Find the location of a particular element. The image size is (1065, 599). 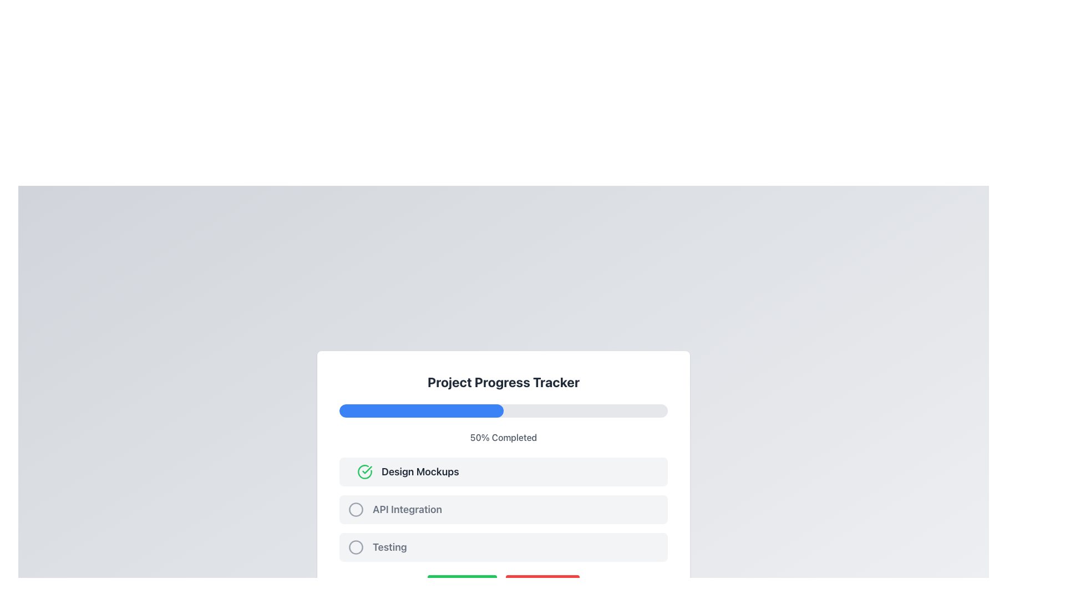

the blue-colored progress bar segment that visually represents 50% completion within the gray rounded progress bar, situated under 'Project Progress Tracker' and above '50% Completed' is located at coordinates (420, 410).